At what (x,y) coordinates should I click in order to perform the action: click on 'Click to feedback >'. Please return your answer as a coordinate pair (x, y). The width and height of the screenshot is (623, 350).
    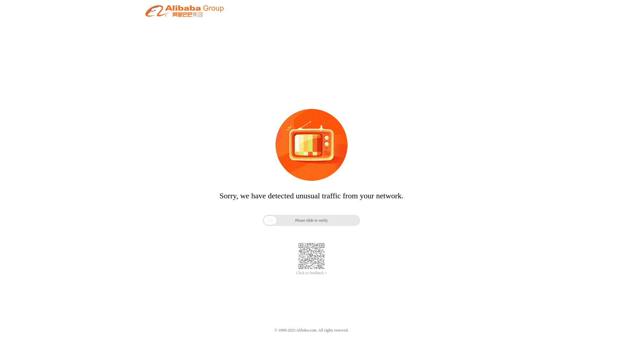
    Looking at the image, I should click on (311, 273).